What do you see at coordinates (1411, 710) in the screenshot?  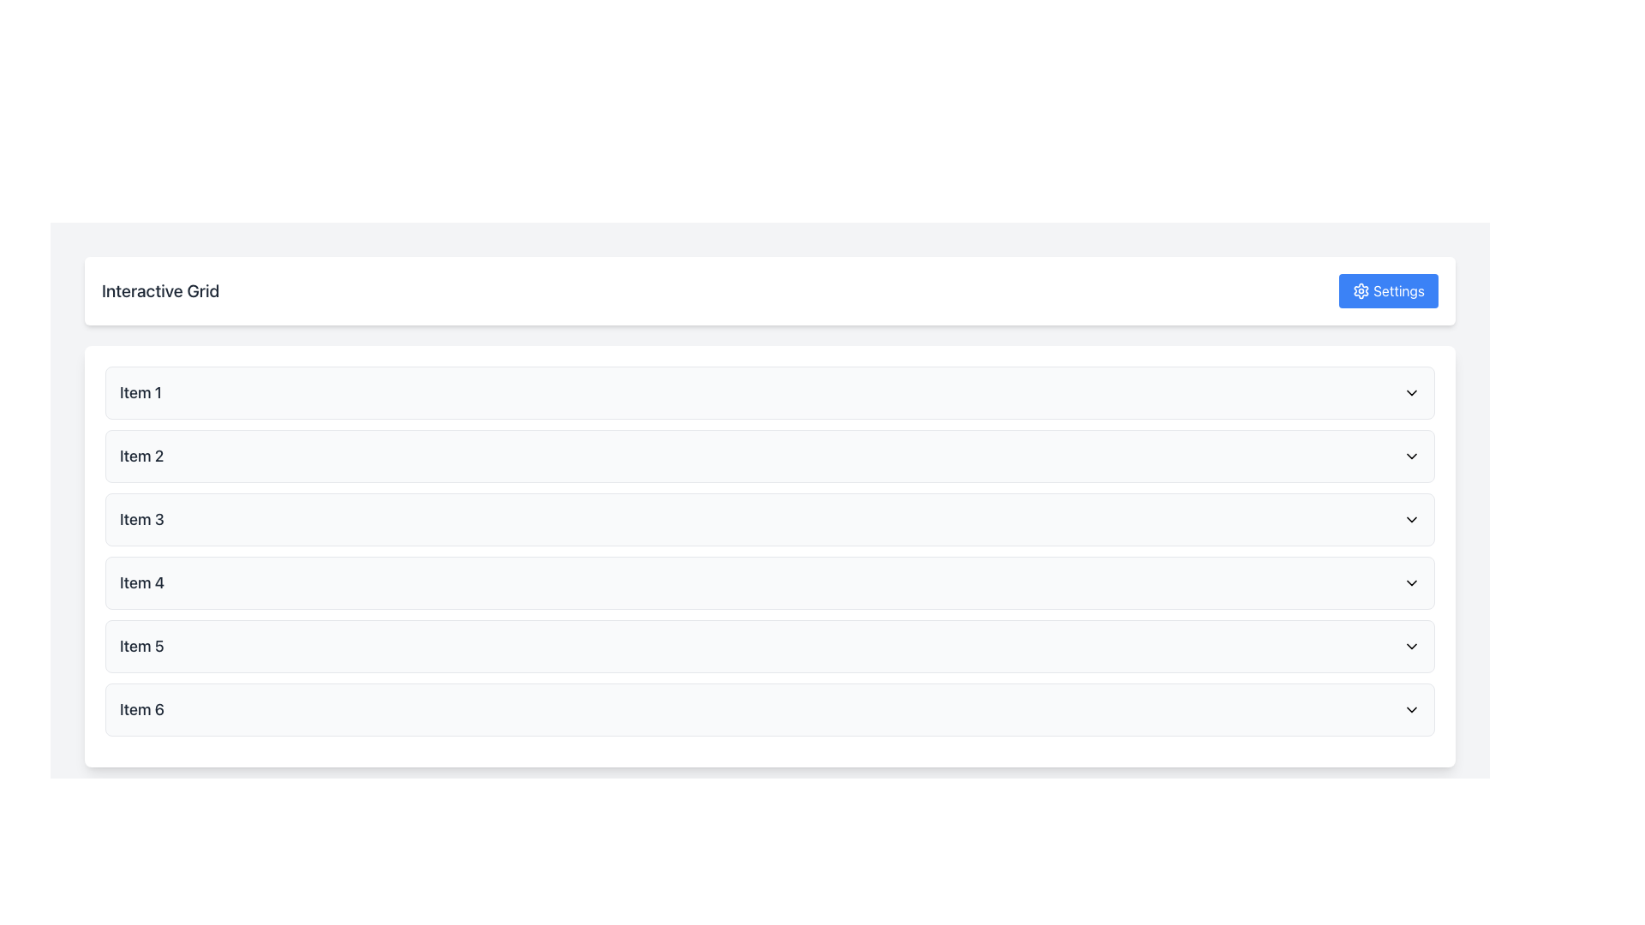 I see `the dropdown toggle icon for 'Item 6', which is positioned as the rightmost component of its row` at bounding box center [1411, 710].